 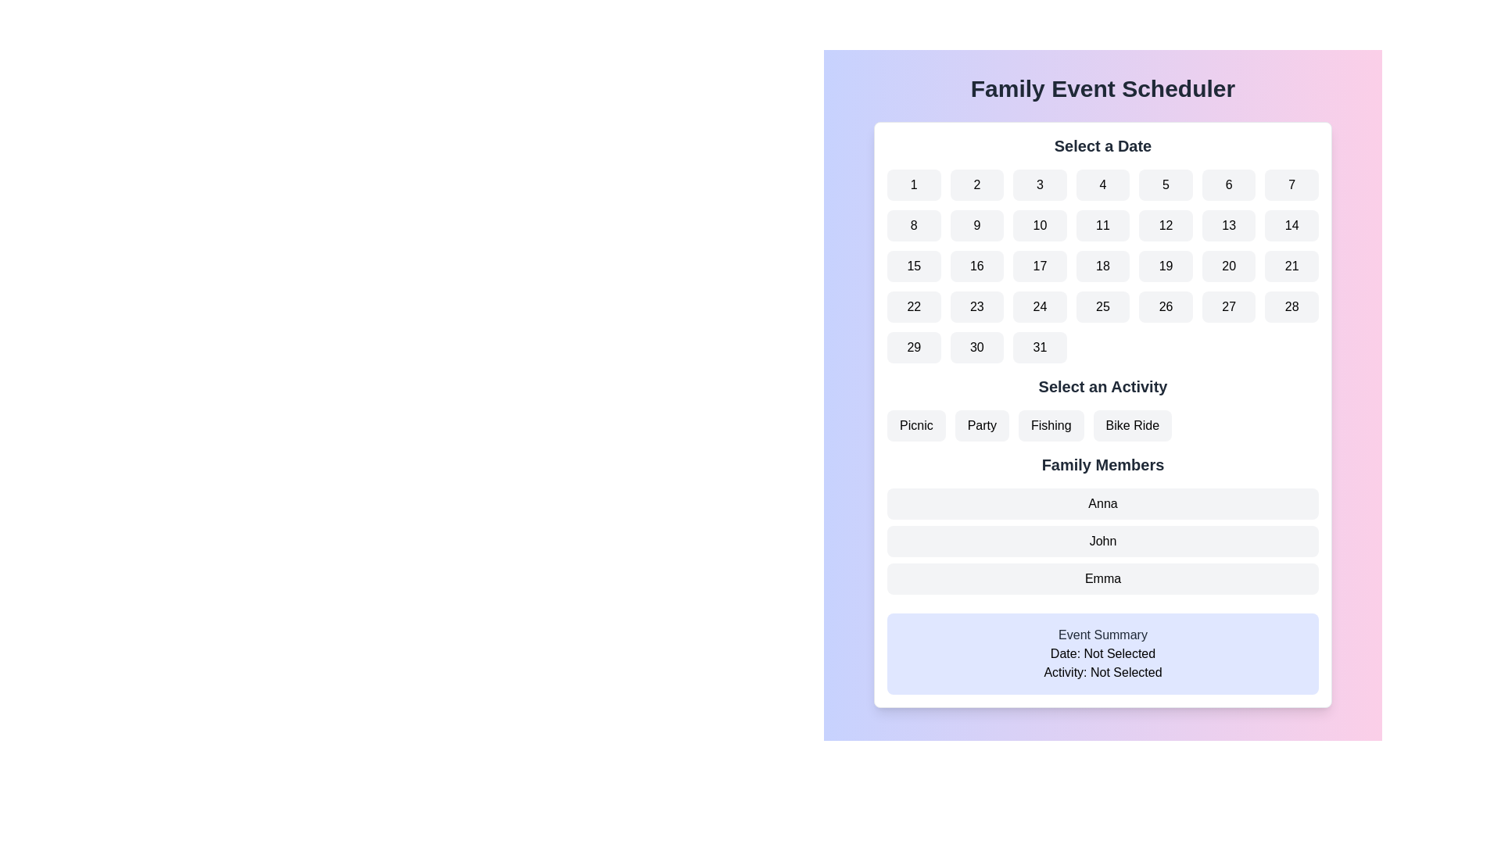 What do you see at coordinates (1291, 265) in the screenshot?
I see `the rounded rectangle button displaying the number '21' in black font, located in the seventh column of the third row` at bounding box center [1291, 265].